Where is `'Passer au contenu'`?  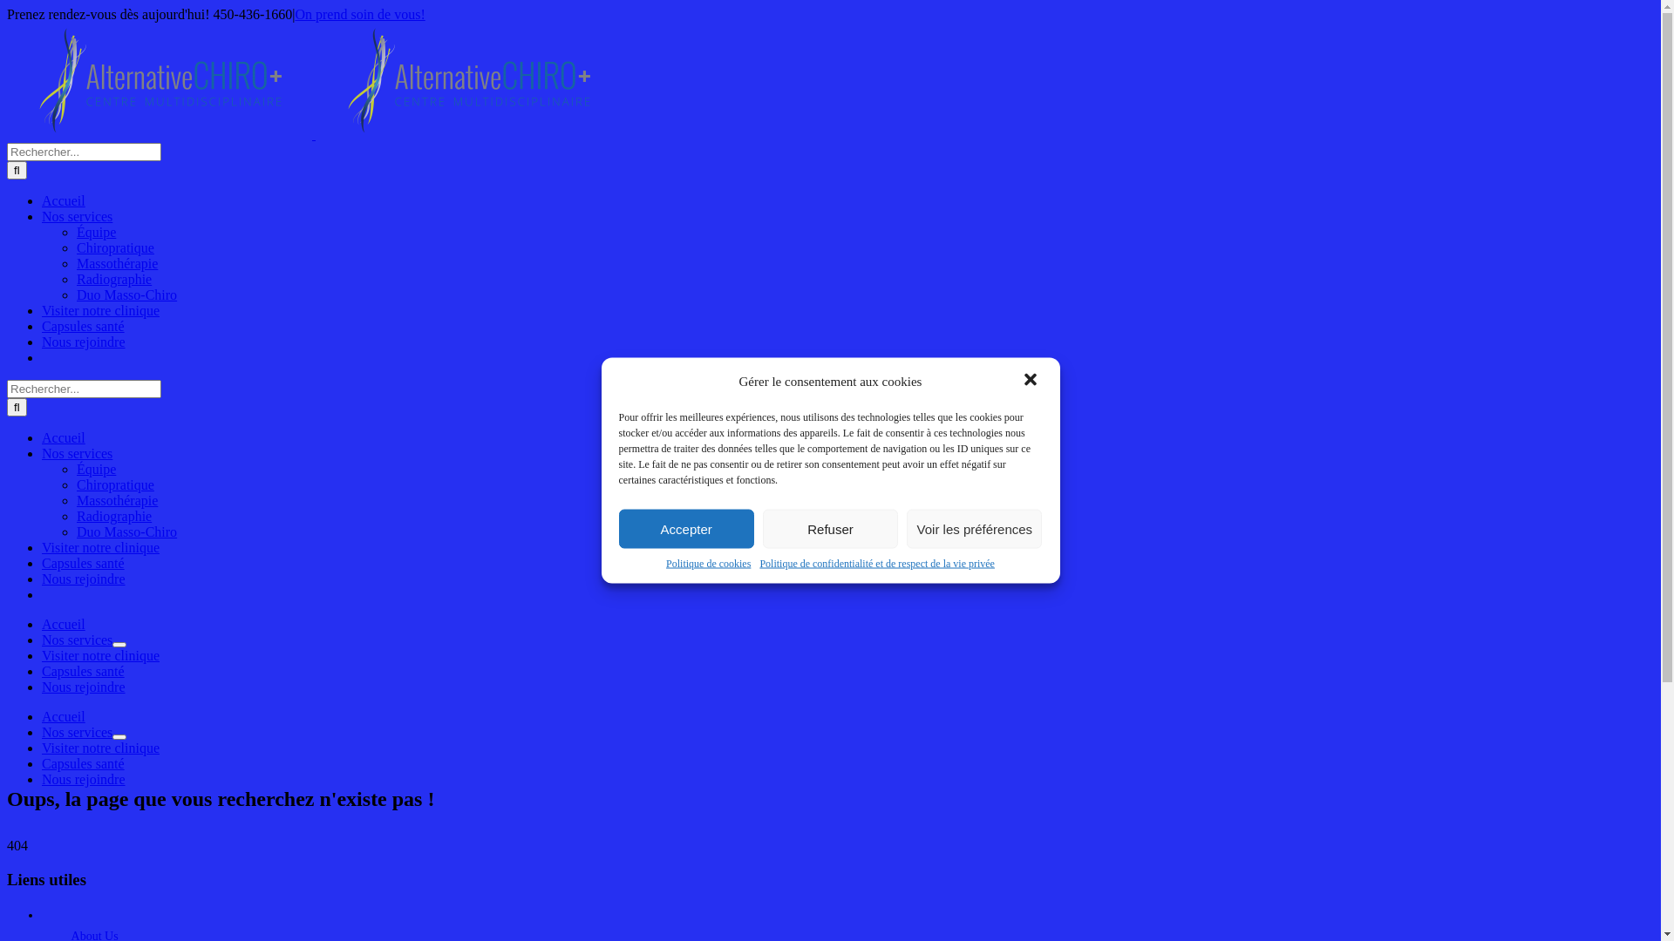
'Passer au contenu' is located at coordinates (6, 6).